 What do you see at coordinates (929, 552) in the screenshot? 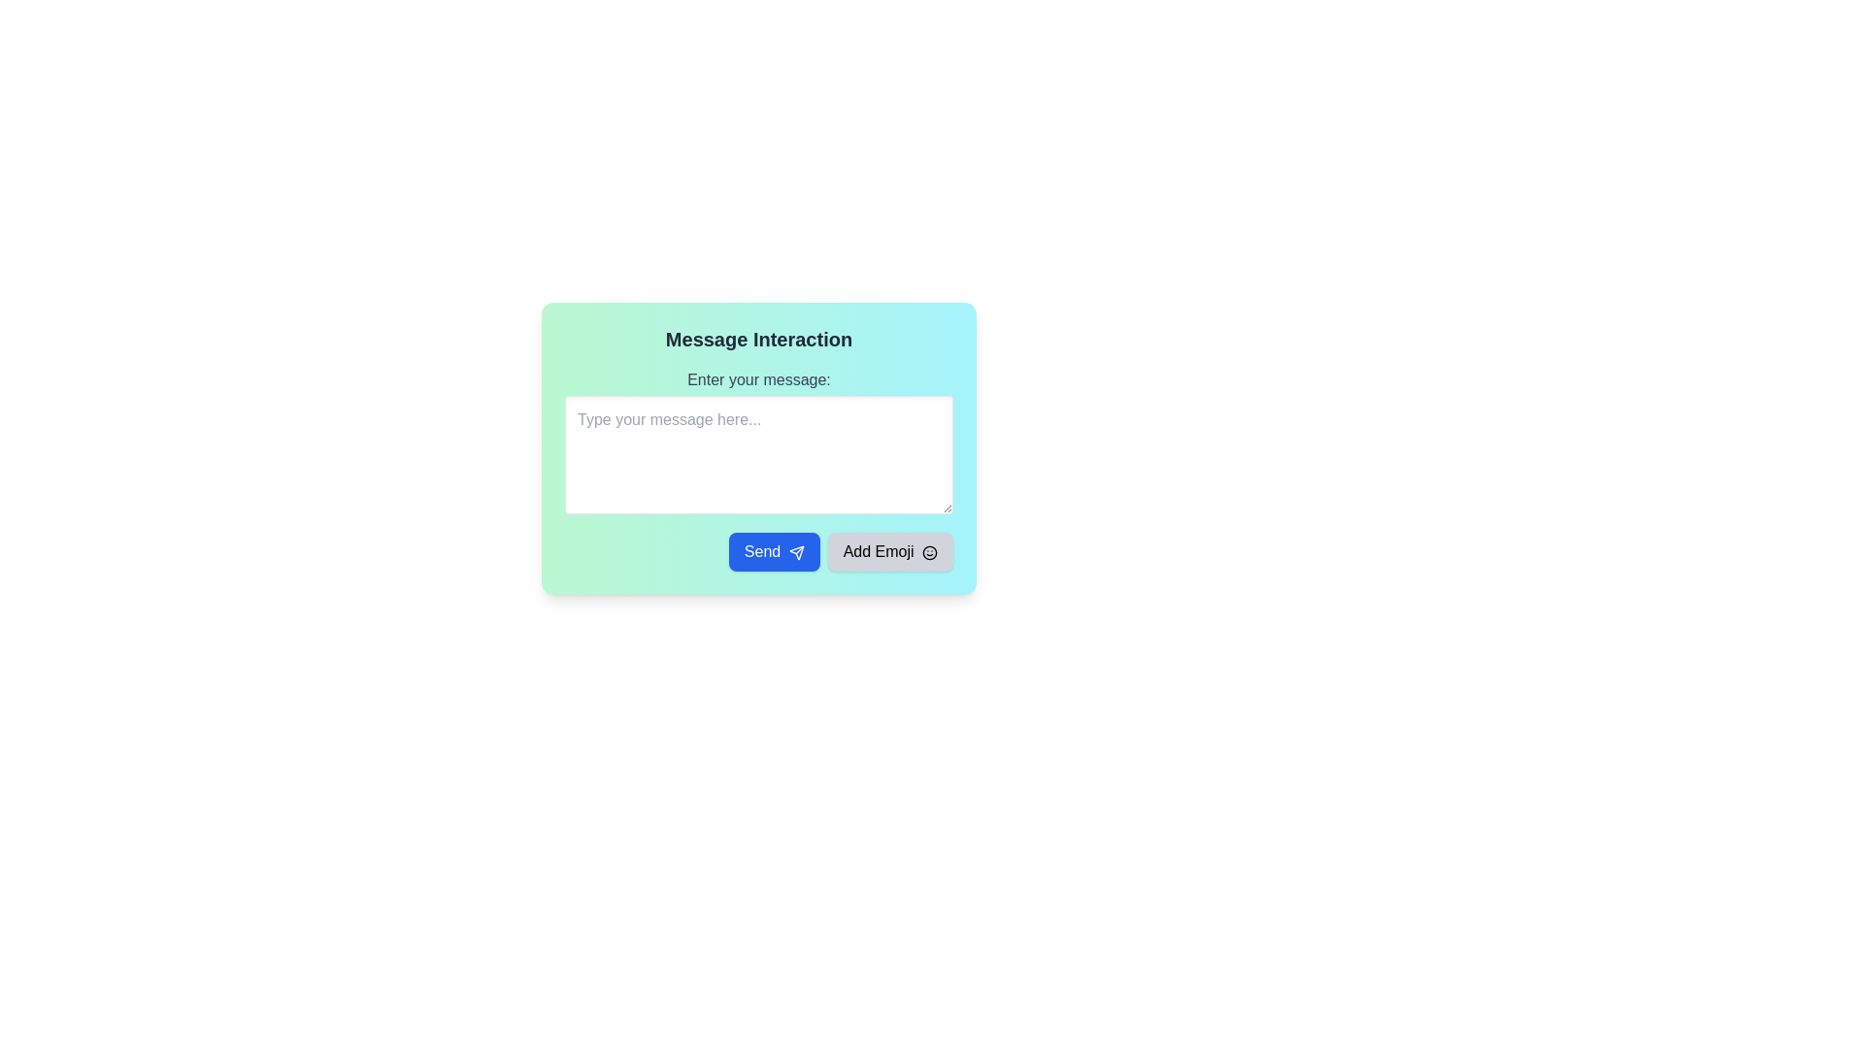
I see `the central circular component of the smiley face icon, which is part of the emoji-related functionalities in the interface` at bounding box center [929, 552].